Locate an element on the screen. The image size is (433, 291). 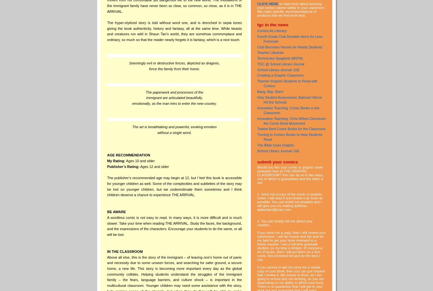
'Publisher’s Rating:' is located at coordinates (123, 166).